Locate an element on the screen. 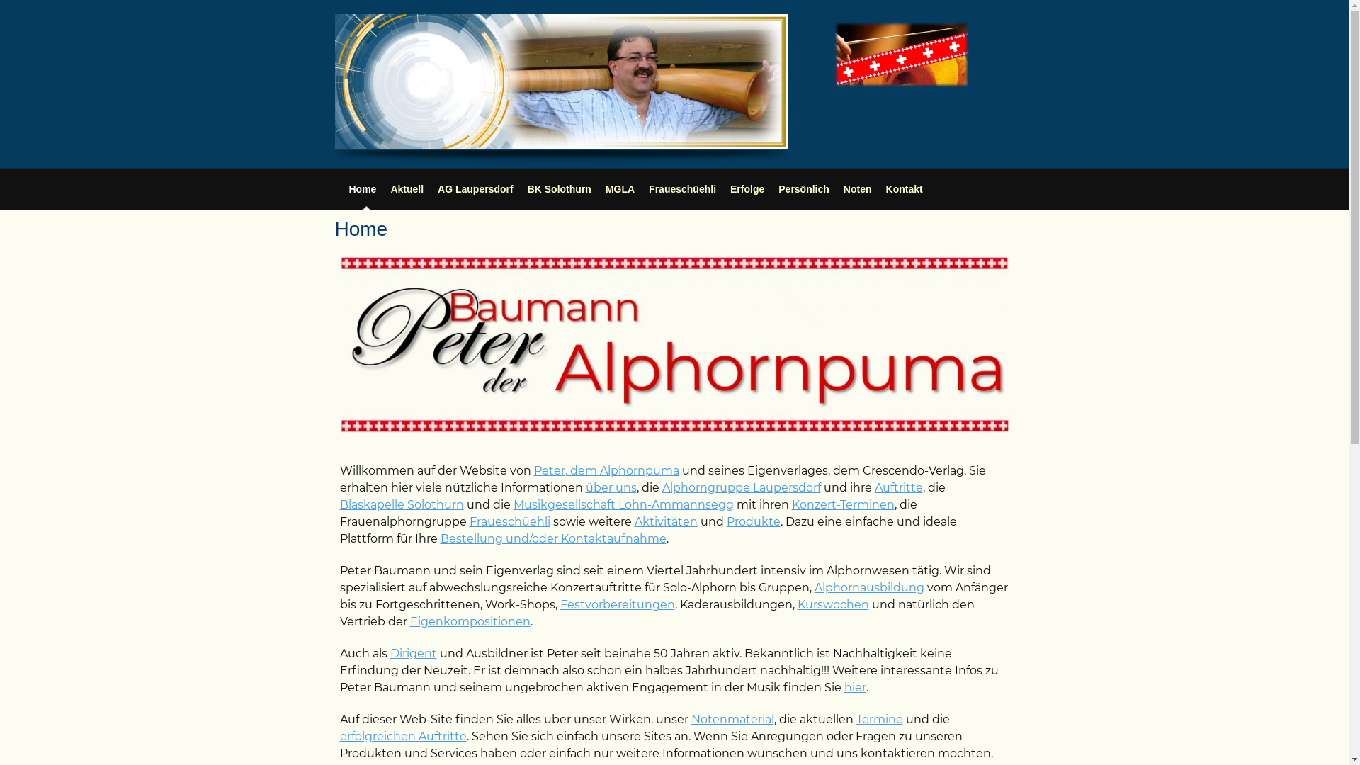  'Home' is located at coordinates (362, 188).